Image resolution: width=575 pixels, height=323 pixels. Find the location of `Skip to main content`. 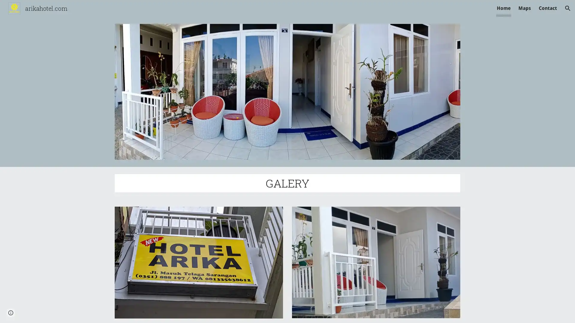

Skip to main content is located at coordinates (236, 11).